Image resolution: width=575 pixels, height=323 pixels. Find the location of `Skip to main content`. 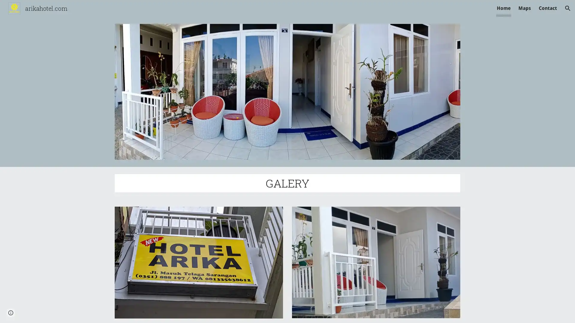

Skip to main content is located at coordinates (236, 11).